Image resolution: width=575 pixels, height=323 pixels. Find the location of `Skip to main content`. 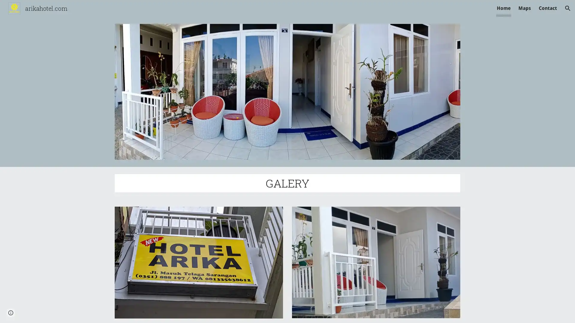

Skip to main content is located at coordinates (236, 11).